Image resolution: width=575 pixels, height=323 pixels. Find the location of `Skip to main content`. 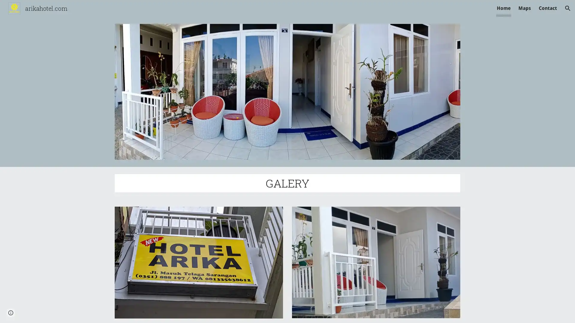

Skip to main content is located at coordinates (236, 11).